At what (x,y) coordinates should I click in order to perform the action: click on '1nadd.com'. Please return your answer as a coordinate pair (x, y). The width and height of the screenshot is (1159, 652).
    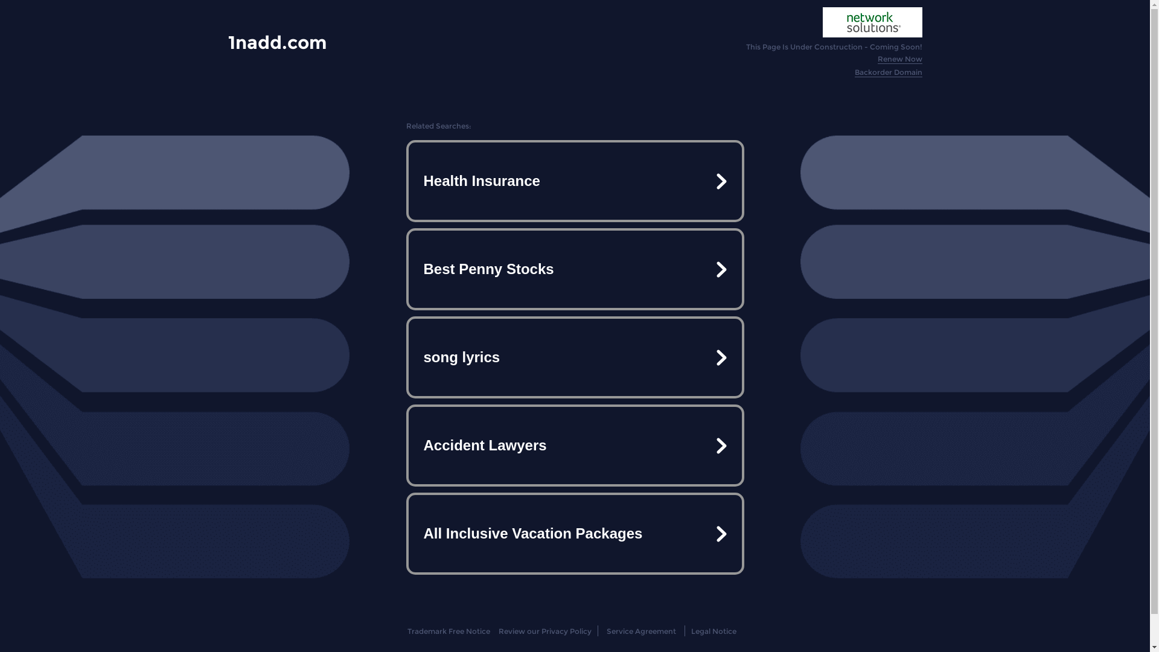
    Looking at the image, I should click on (276, 42).